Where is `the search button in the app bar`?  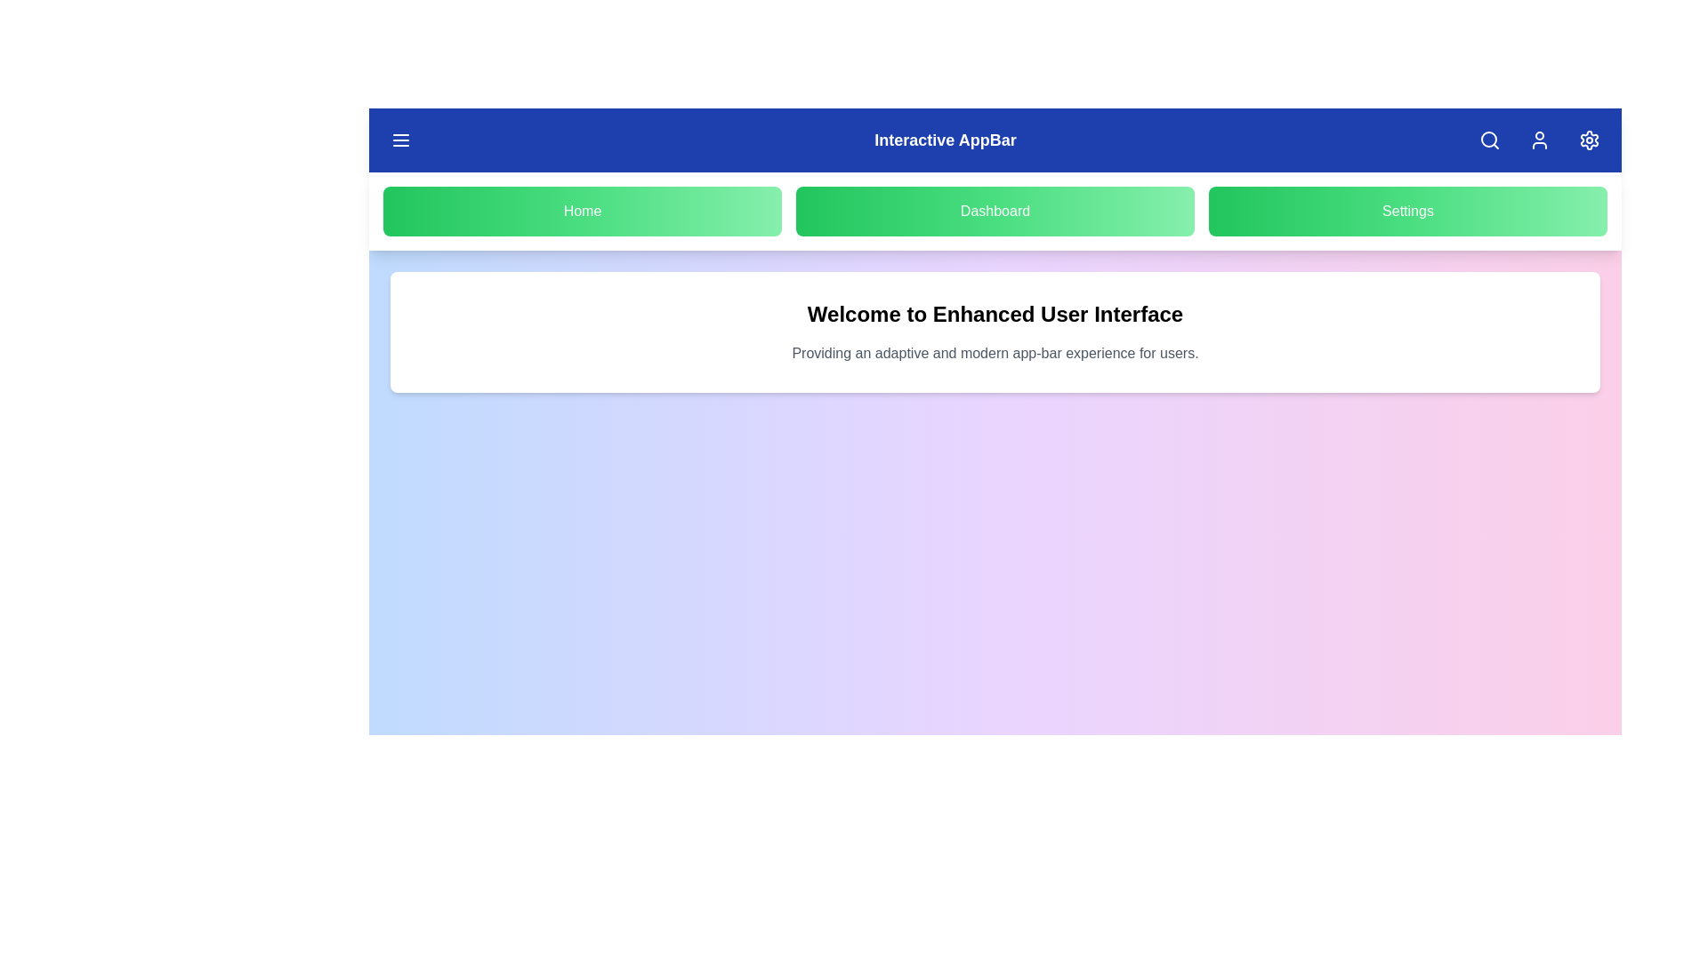
the search button in the app bar is located at coordinates (1490, 140).